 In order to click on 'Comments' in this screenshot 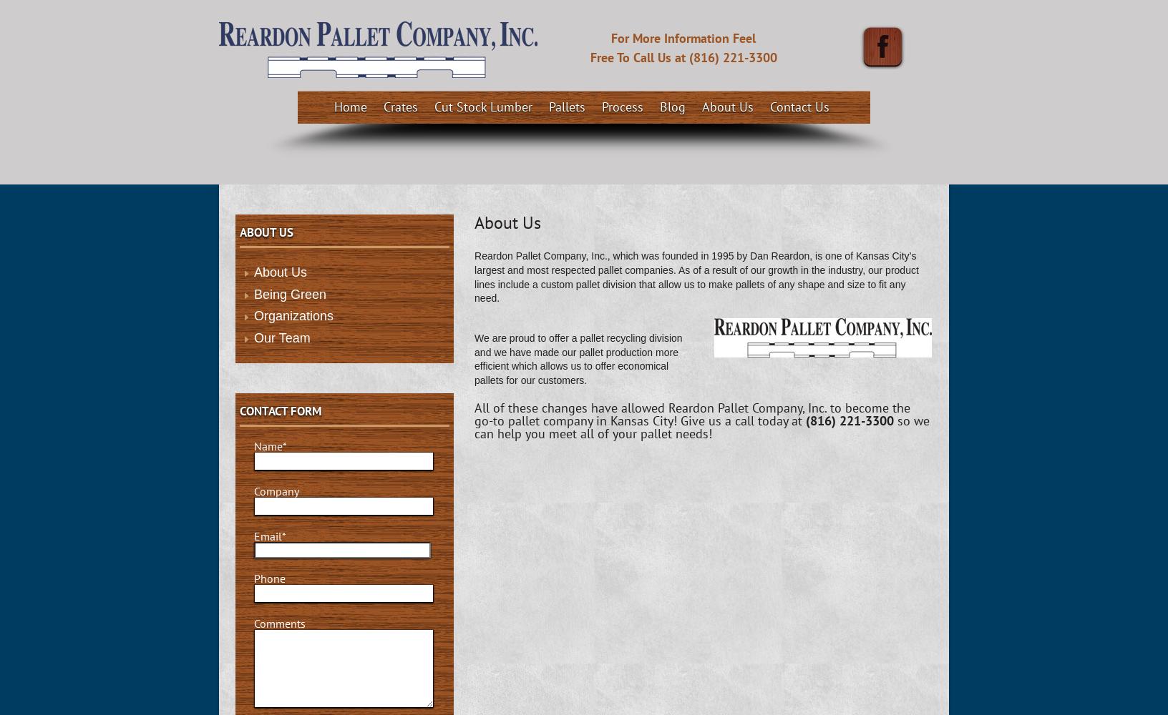, I will do `click(280, 623)`.